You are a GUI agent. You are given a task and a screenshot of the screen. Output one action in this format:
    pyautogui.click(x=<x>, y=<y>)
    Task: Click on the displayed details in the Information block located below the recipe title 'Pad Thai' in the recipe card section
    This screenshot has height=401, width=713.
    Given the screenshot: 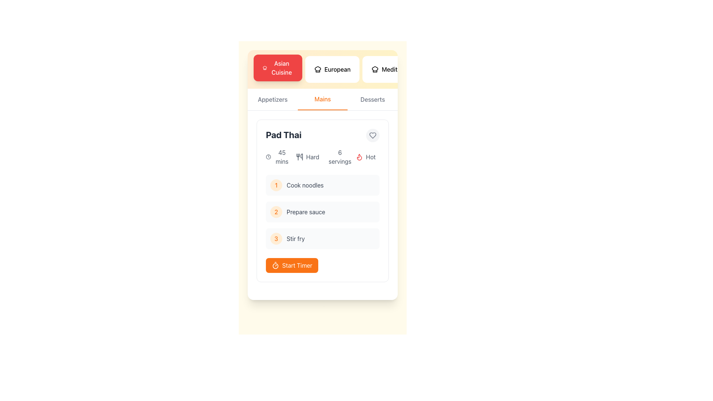 What is the action you would take?
    pyautogui.click(x=322, y=157)
    